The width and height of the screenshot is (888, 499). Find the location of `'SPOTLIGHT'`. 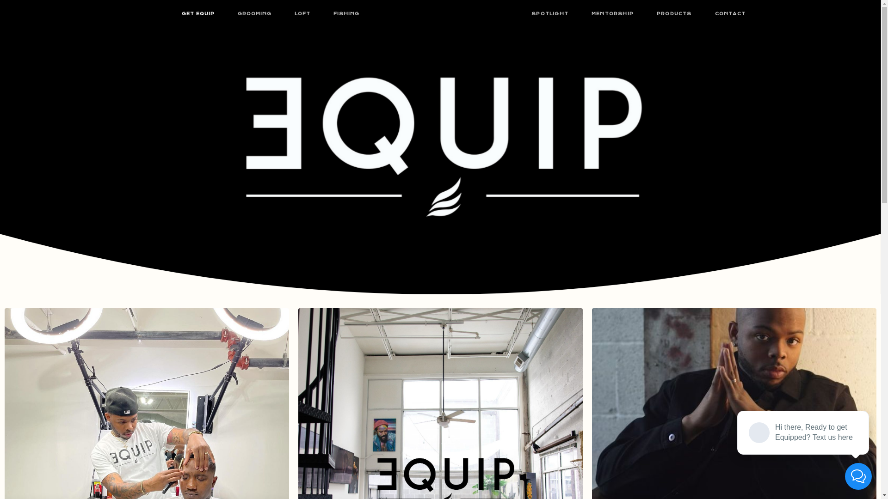

'SPOTLIGHT' is located at coordinates (550, 14).